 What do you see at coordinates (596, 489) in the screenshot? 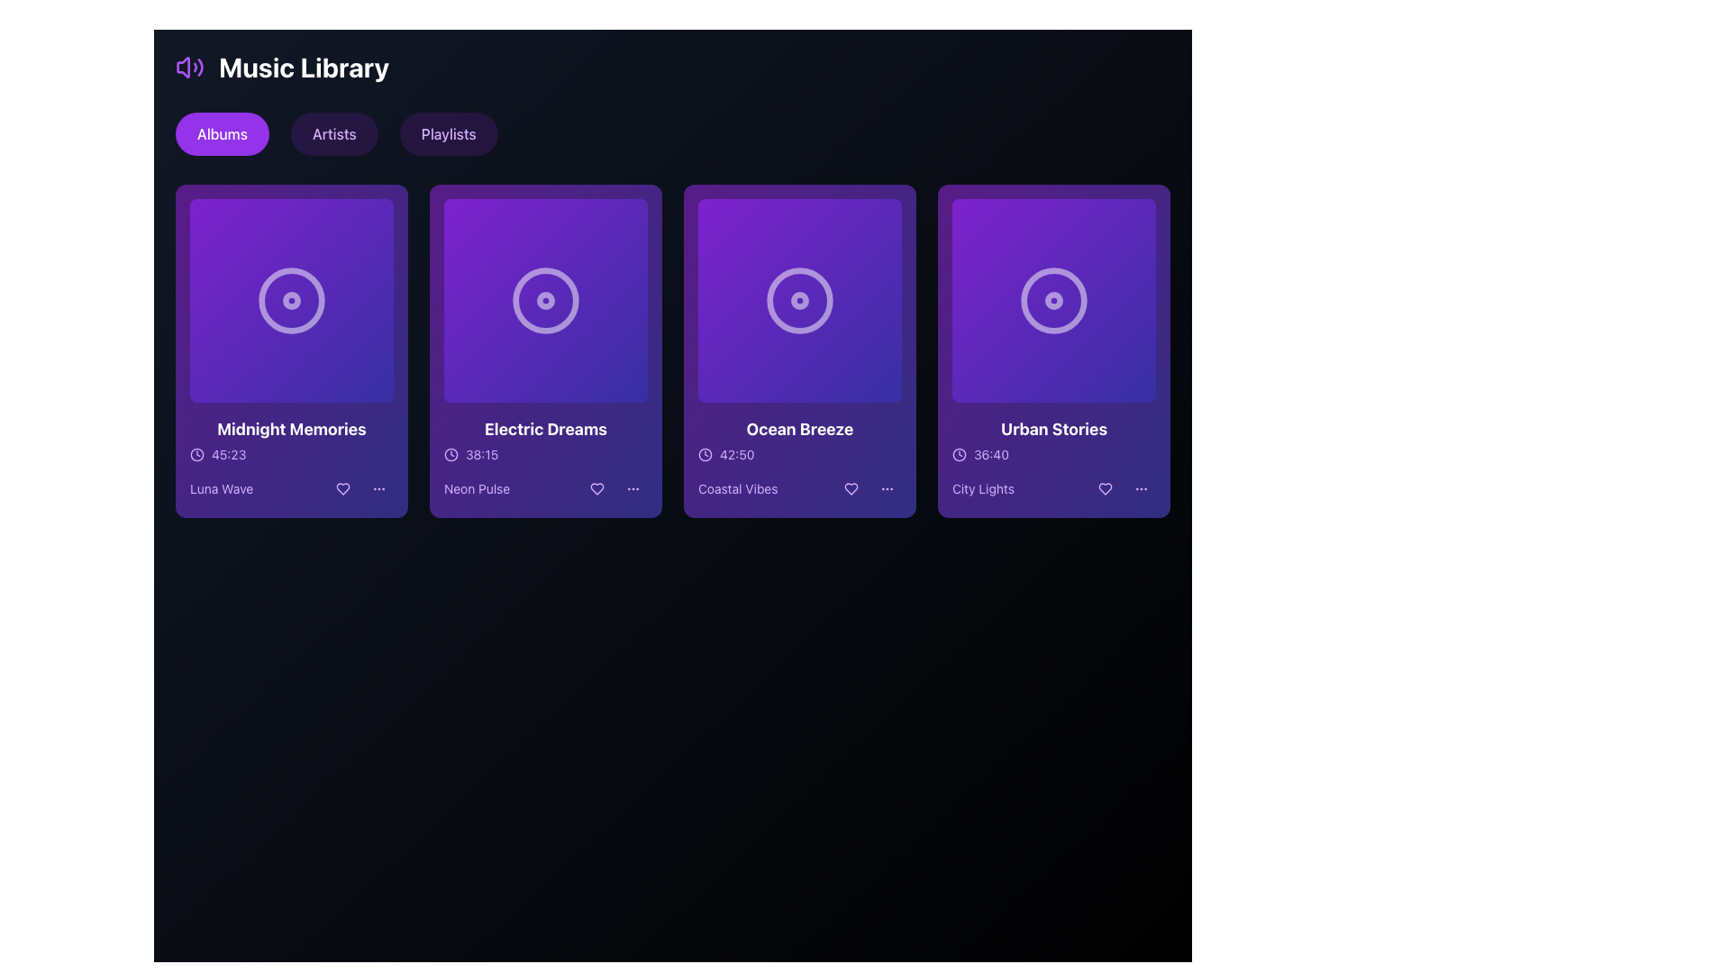
I see `the heart-shaped icon button in the second album card from the left` at bounding box center [596, 489].